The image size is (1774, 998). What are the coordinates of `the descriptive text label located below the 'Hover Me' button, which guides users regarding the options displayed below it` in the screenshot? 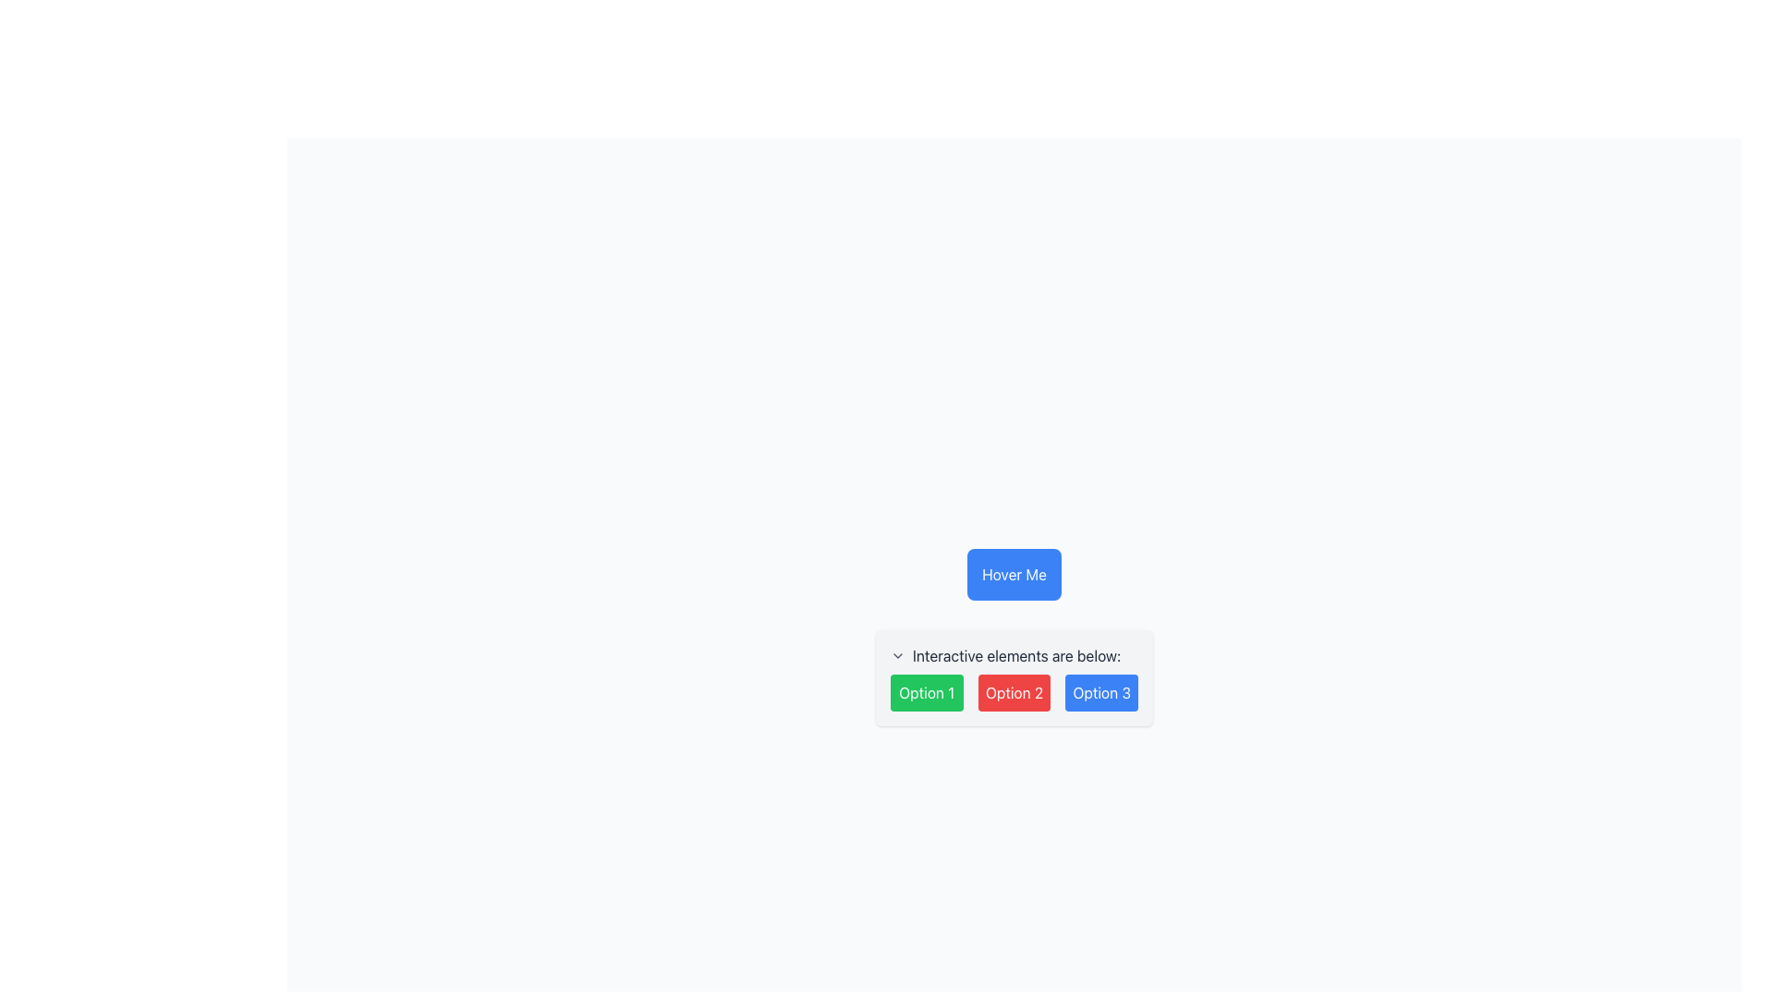 It's located at (1015, 654).